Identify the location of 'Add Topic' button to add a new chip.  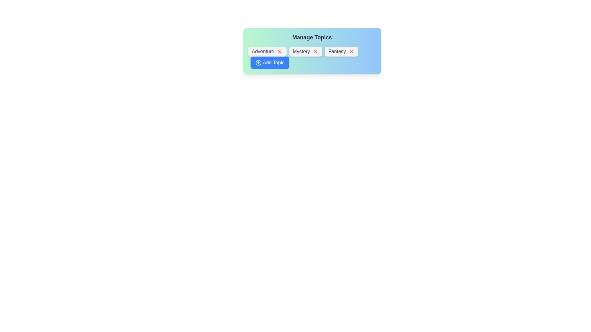
(270, 63).